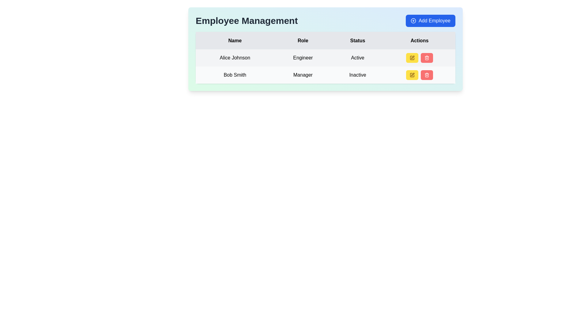  What do you see at coordinates (235, 40) in the screenshot?
I see `the static text label displaying 'Name', which is the first label in a header row of a table, positioned at the top-left corner of the main content area` at bounding box center [235, 40].